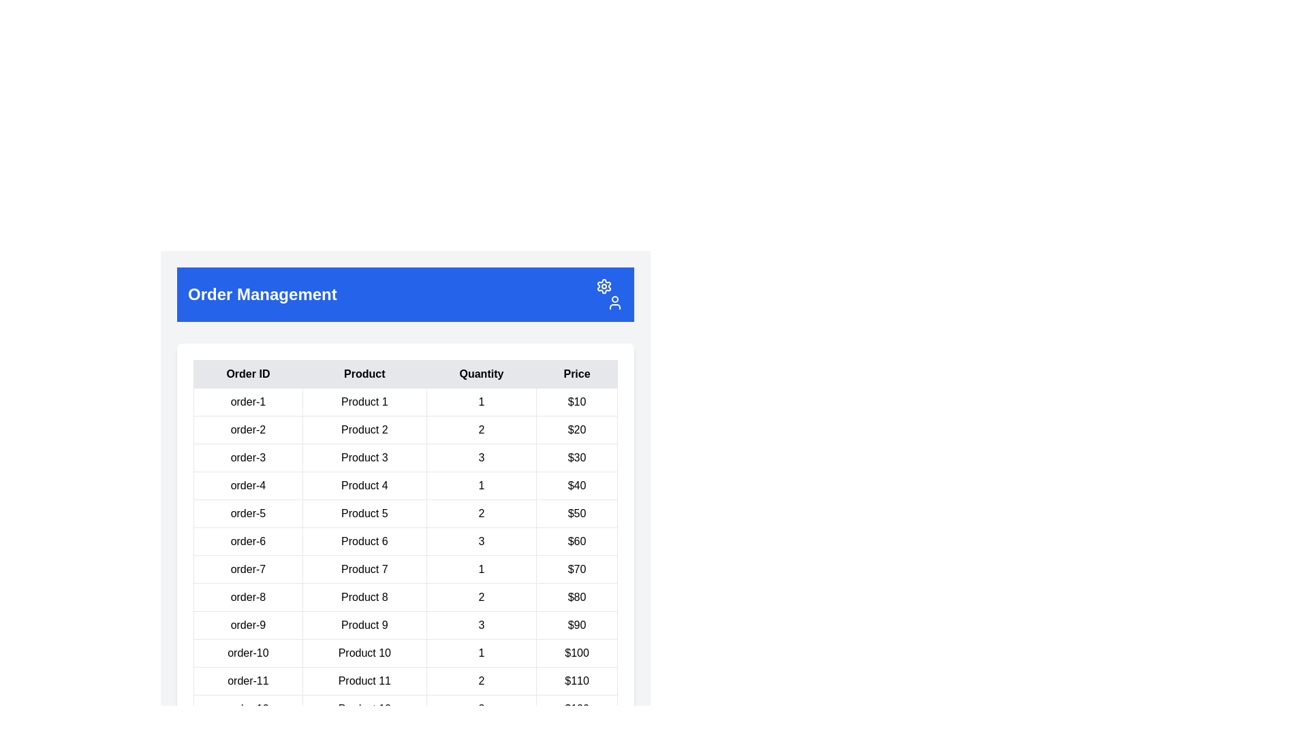 The height and width of the screenshot is (735, 1308). I want to click on the table cell containing the text 'Product 8' located in the second column under the 'Product' header to gather context from adjacent cells, so click(364, 597).